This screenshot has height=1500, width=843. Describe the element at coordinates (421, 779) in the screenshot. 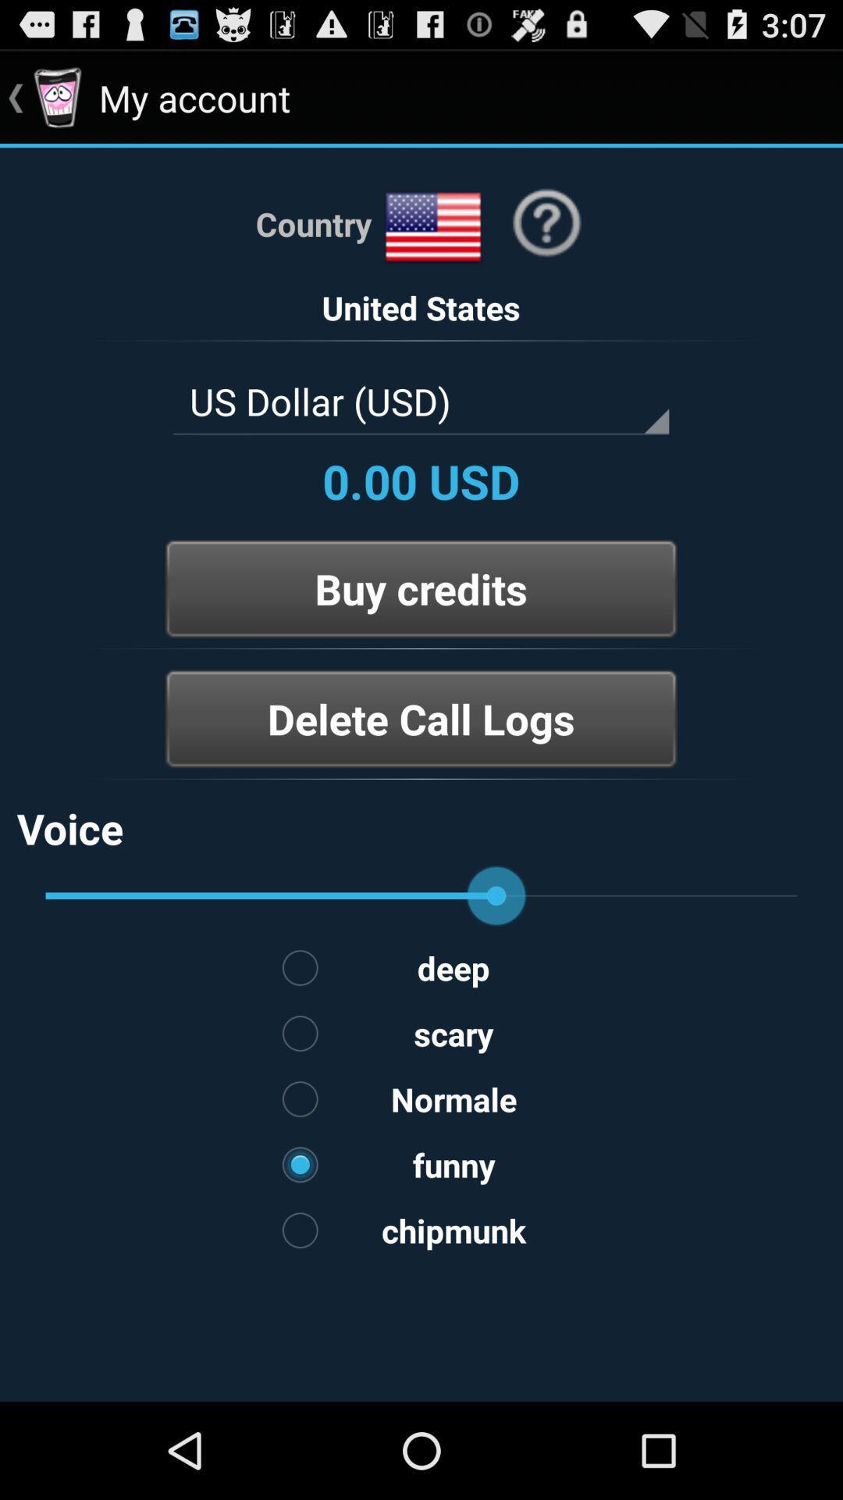

I see `improper tagging` at that location.